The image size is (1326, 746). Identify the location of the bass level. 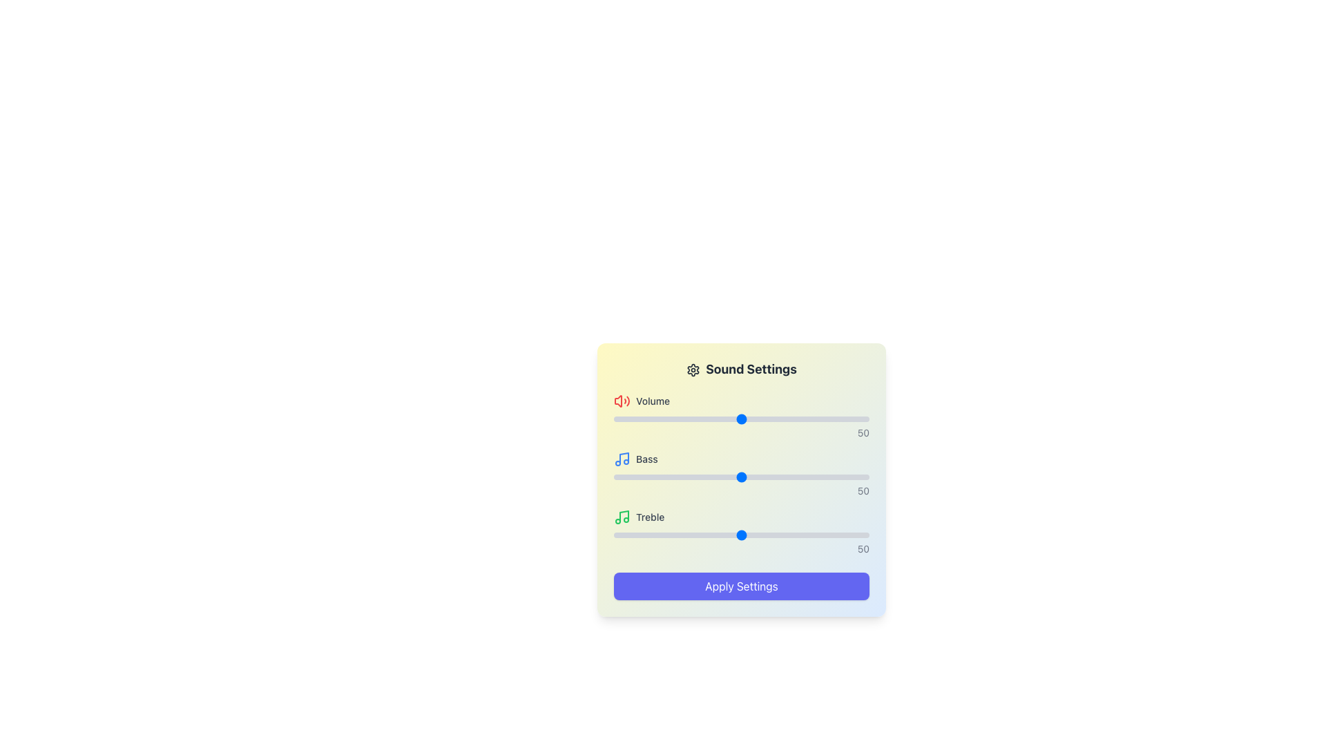
(615, 476).